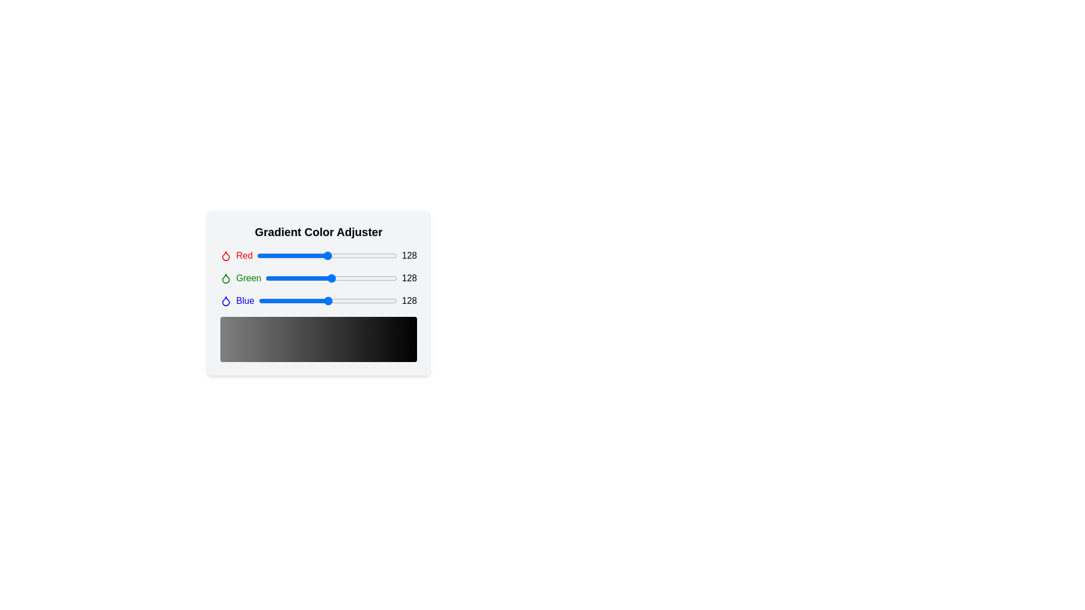  Describe the element at coordinates (301, 300) in the screenshot. I see `the blue color slider to 79` at that location.